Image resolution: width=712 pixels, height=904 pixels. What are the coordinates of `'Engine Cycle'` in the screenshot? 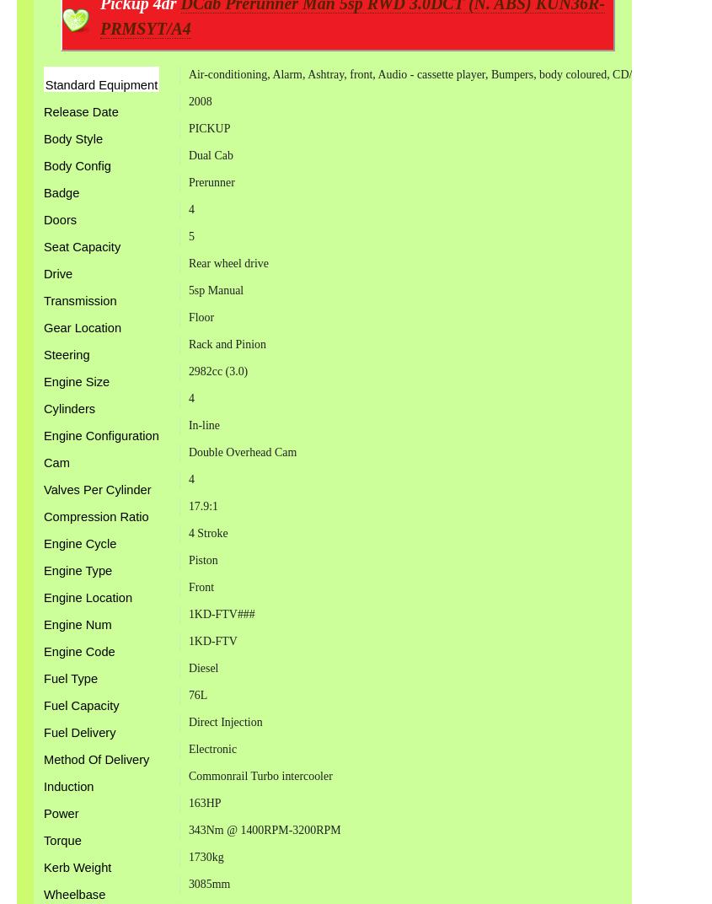 It's located at (42, 544).